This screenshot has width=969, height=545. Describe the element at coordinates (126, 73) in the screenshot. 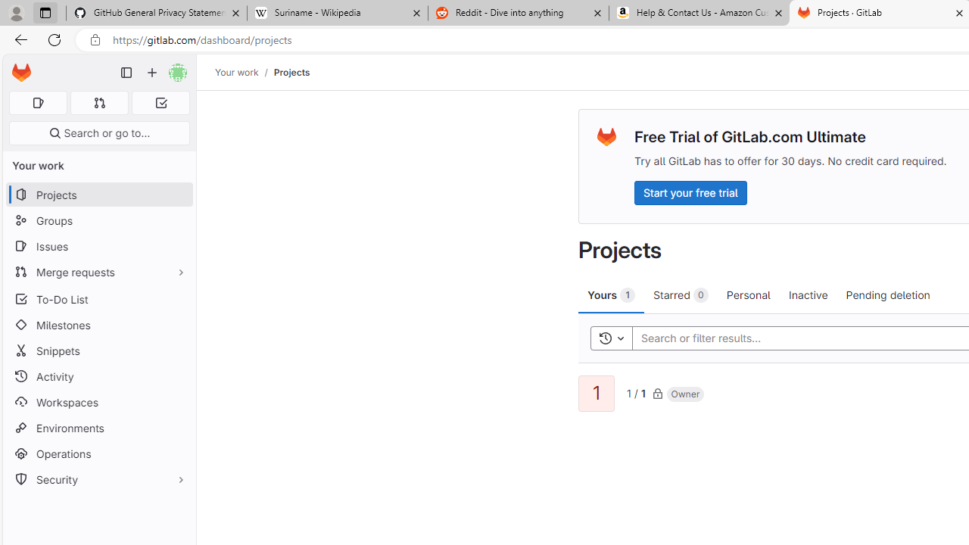

I see `'Primary navigation sidebar'` at that location.